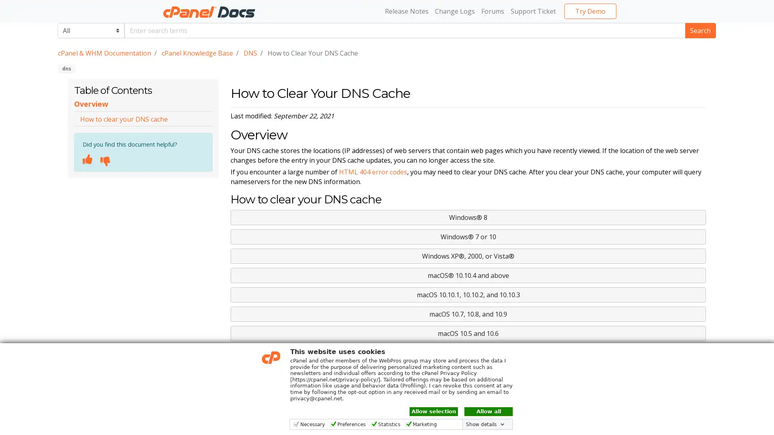 This screenshot has height=435, width=774. Describe the element at coordinates (468, 256) in the screenshot. I see `Windows XP, 2000, or Vista` at that location.